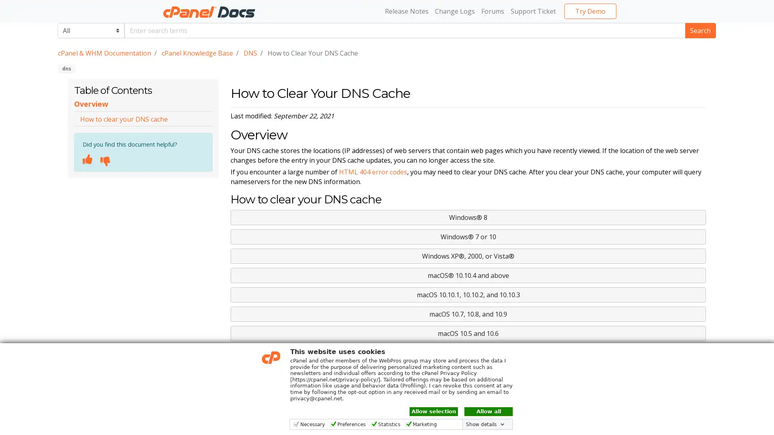 This screenshot has height=435, width=774. Describe the element at coordinates (468, 256) in the screenshot. I see `Windows XP, 2000, or Vista` at that location.